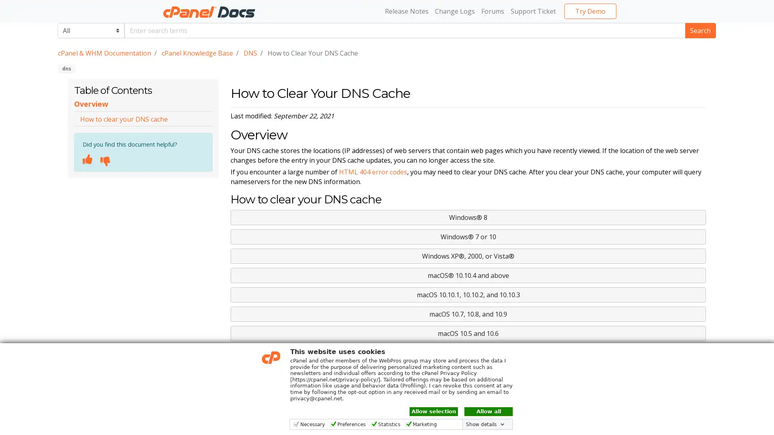 This screenshot has height=435, width=774. Describe the element at coordinates (468, 256) in the screenshot. I see `Windows XP, 2000, or Vista` at that location.